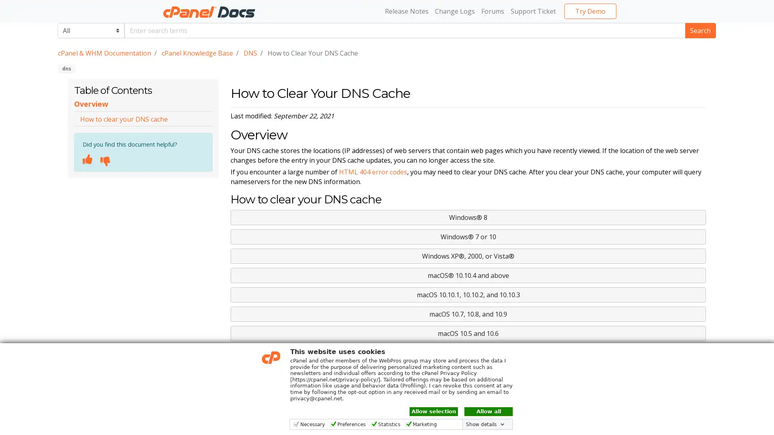 This screenshot has height=435, width=774. Describe the element at coordinates (468, 256) in the screenshot. I see `Windows XP, 2000, or Vista` at that location.